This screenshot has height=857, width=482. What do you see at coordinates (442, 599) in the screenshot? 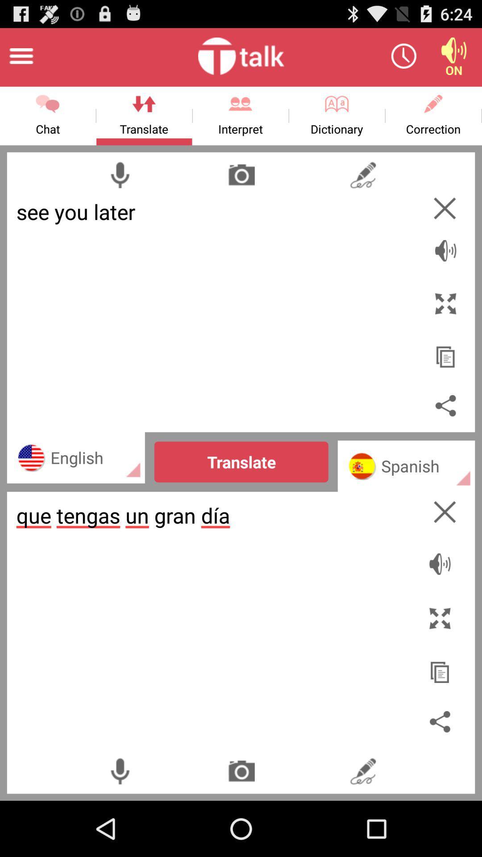
I see `the volume icon` at bounding box center [442, 599].